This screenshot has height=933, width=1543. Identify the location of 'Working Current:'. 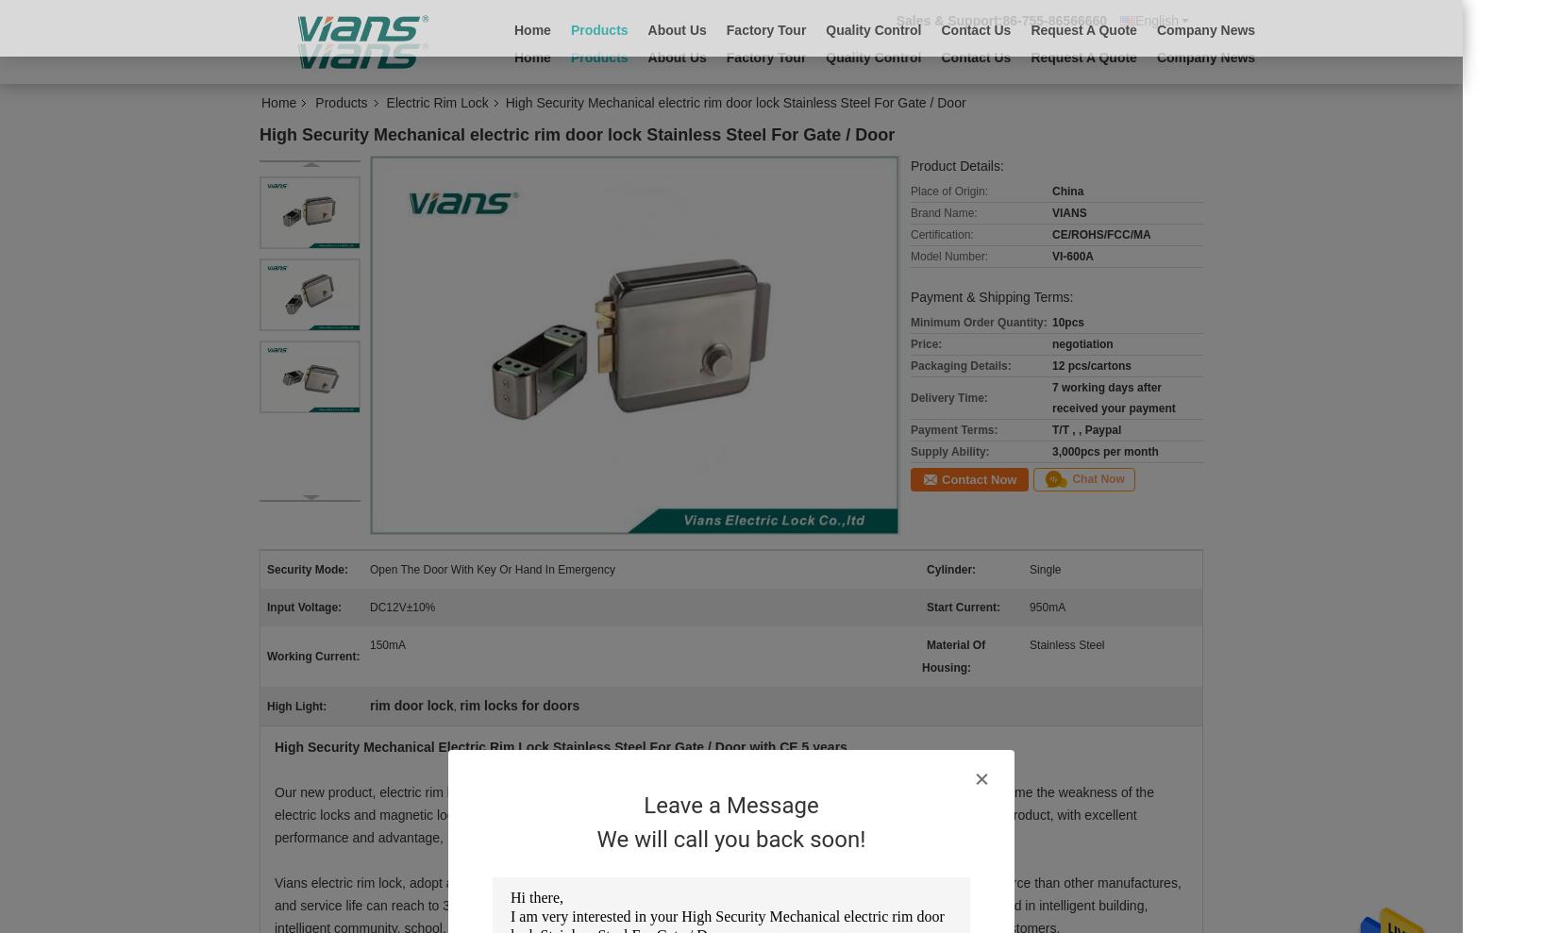
(312, 655).